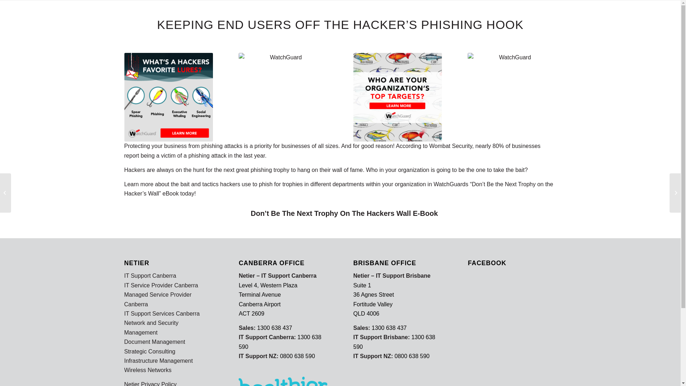 Image resolution: width=686 pixels, height=386 pixels. I want to click on 'Network and Security Management', so click(151, 327).